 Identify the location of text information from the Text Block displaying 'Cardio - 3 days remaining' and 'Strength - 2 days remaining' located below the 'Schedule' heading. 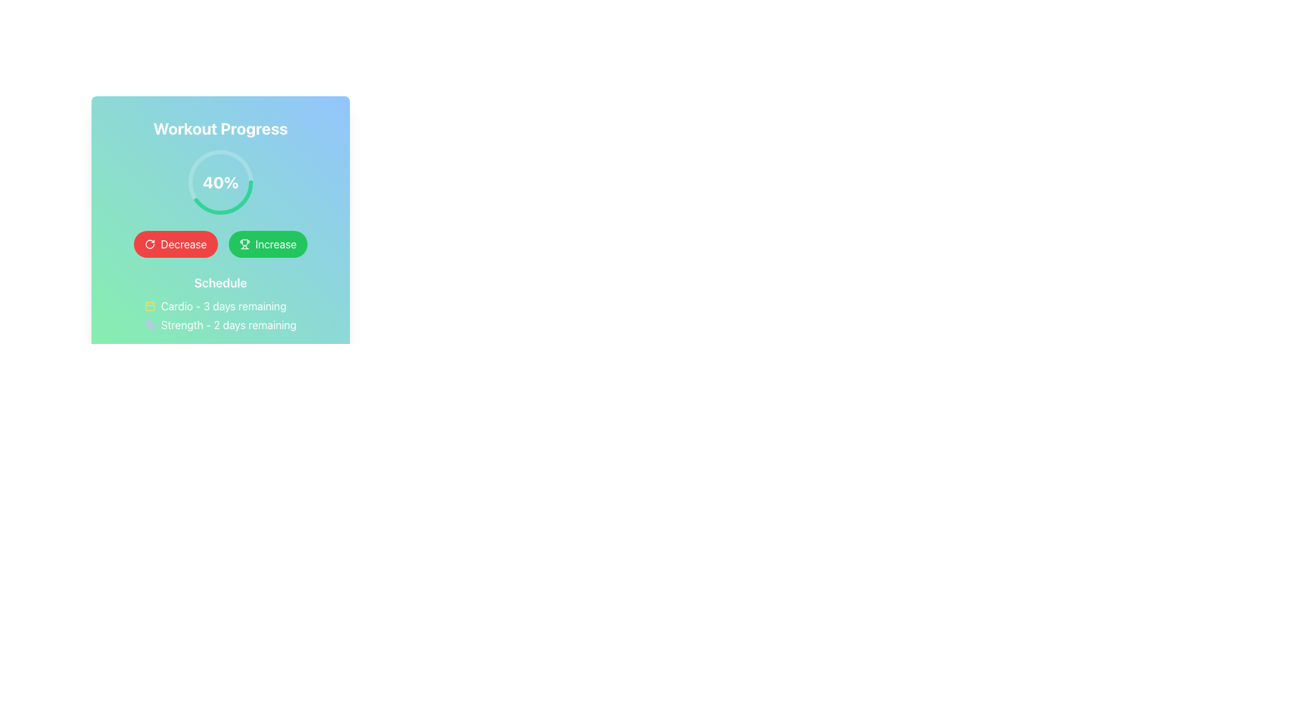
(220, 316).